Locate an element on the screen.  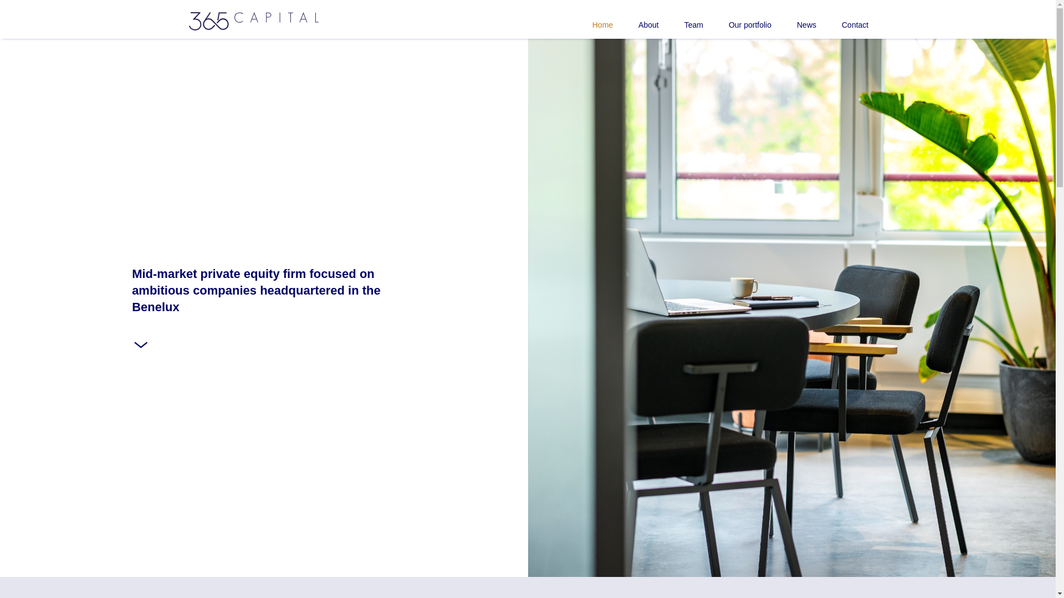
'Team' is located at coordinates (680, 19).